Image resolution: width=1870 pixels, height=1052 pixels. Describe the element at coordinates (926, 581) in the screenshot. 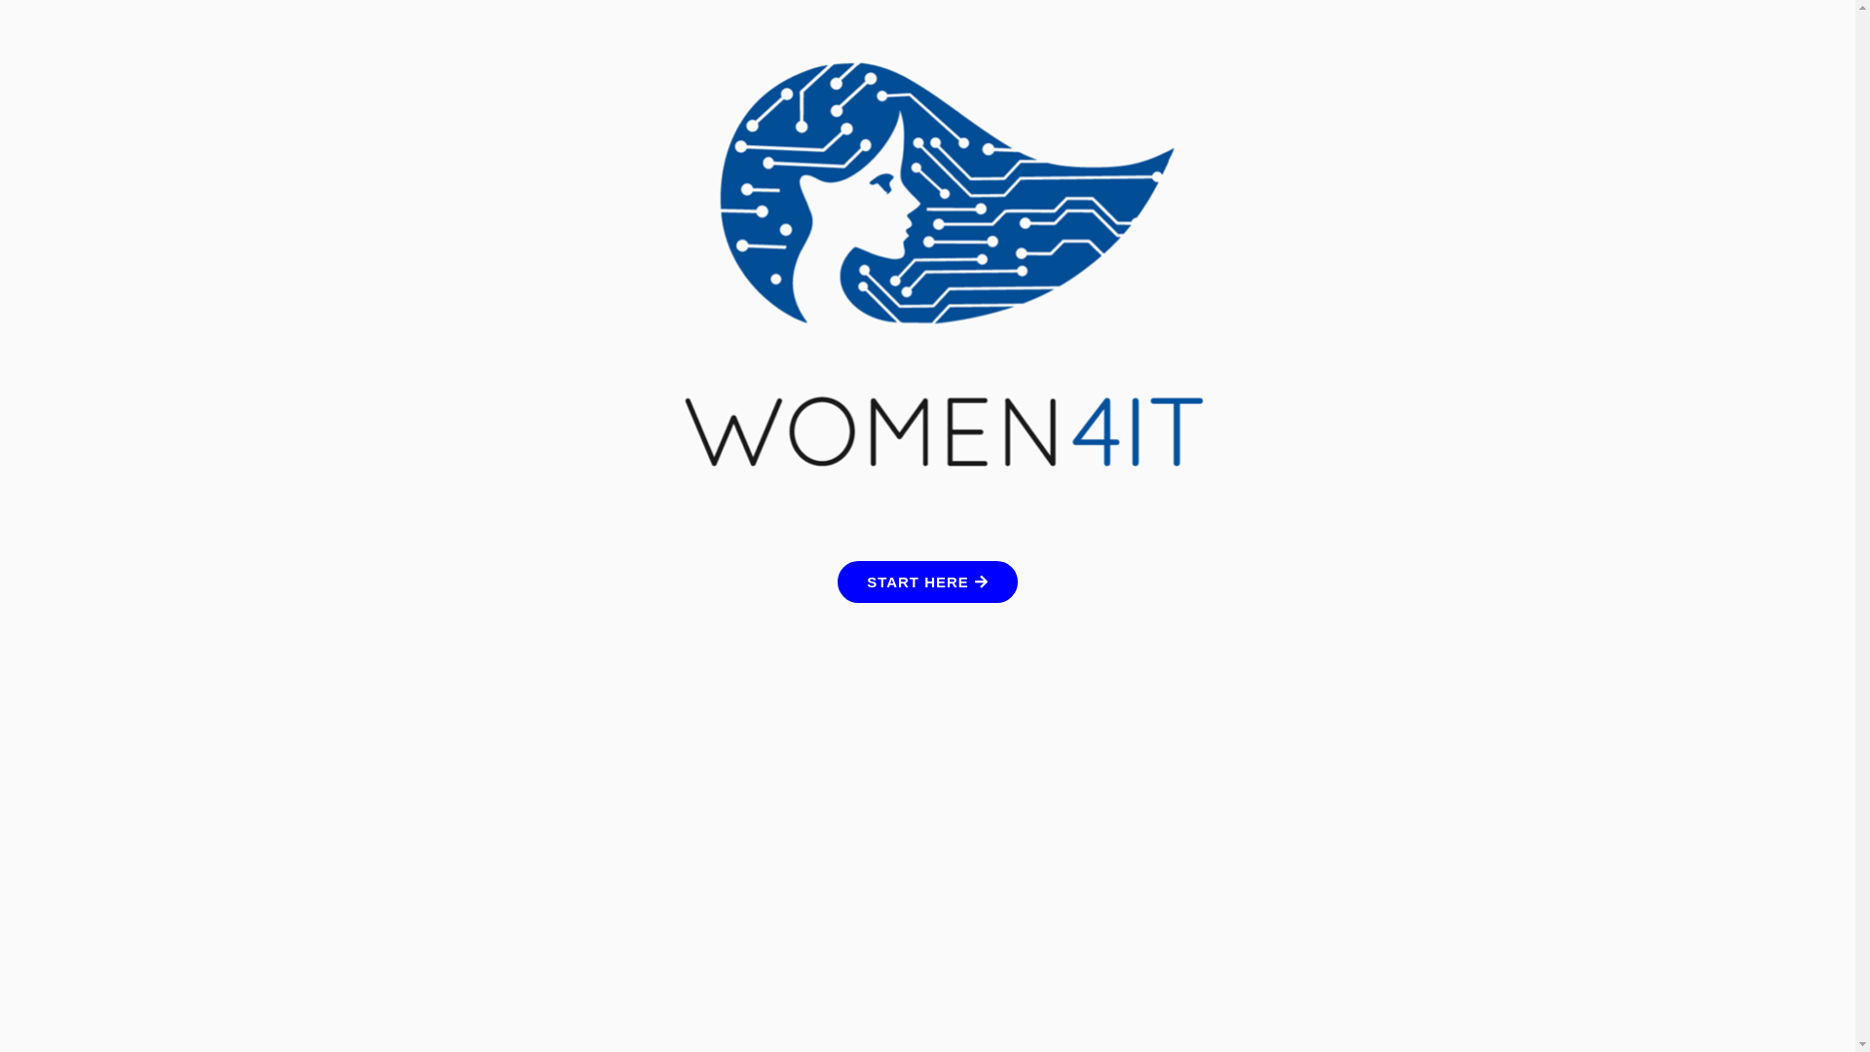

I see `'START HERE'` at that location.